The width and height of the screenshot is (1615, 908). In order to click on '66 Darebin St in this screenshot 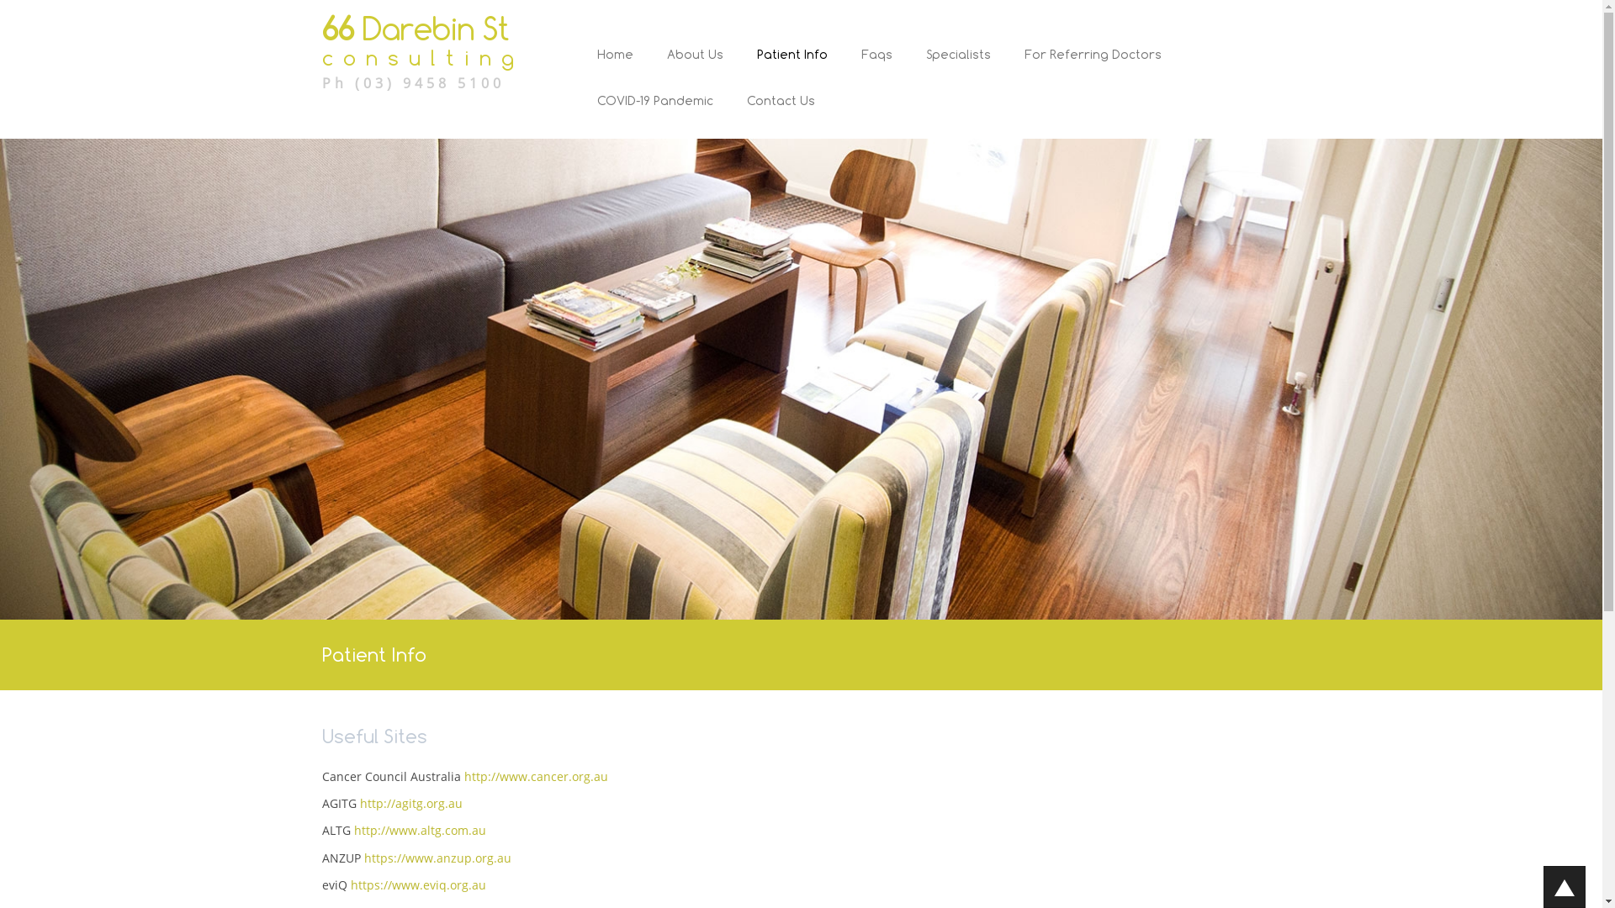, I will do `click(432, 50)`.